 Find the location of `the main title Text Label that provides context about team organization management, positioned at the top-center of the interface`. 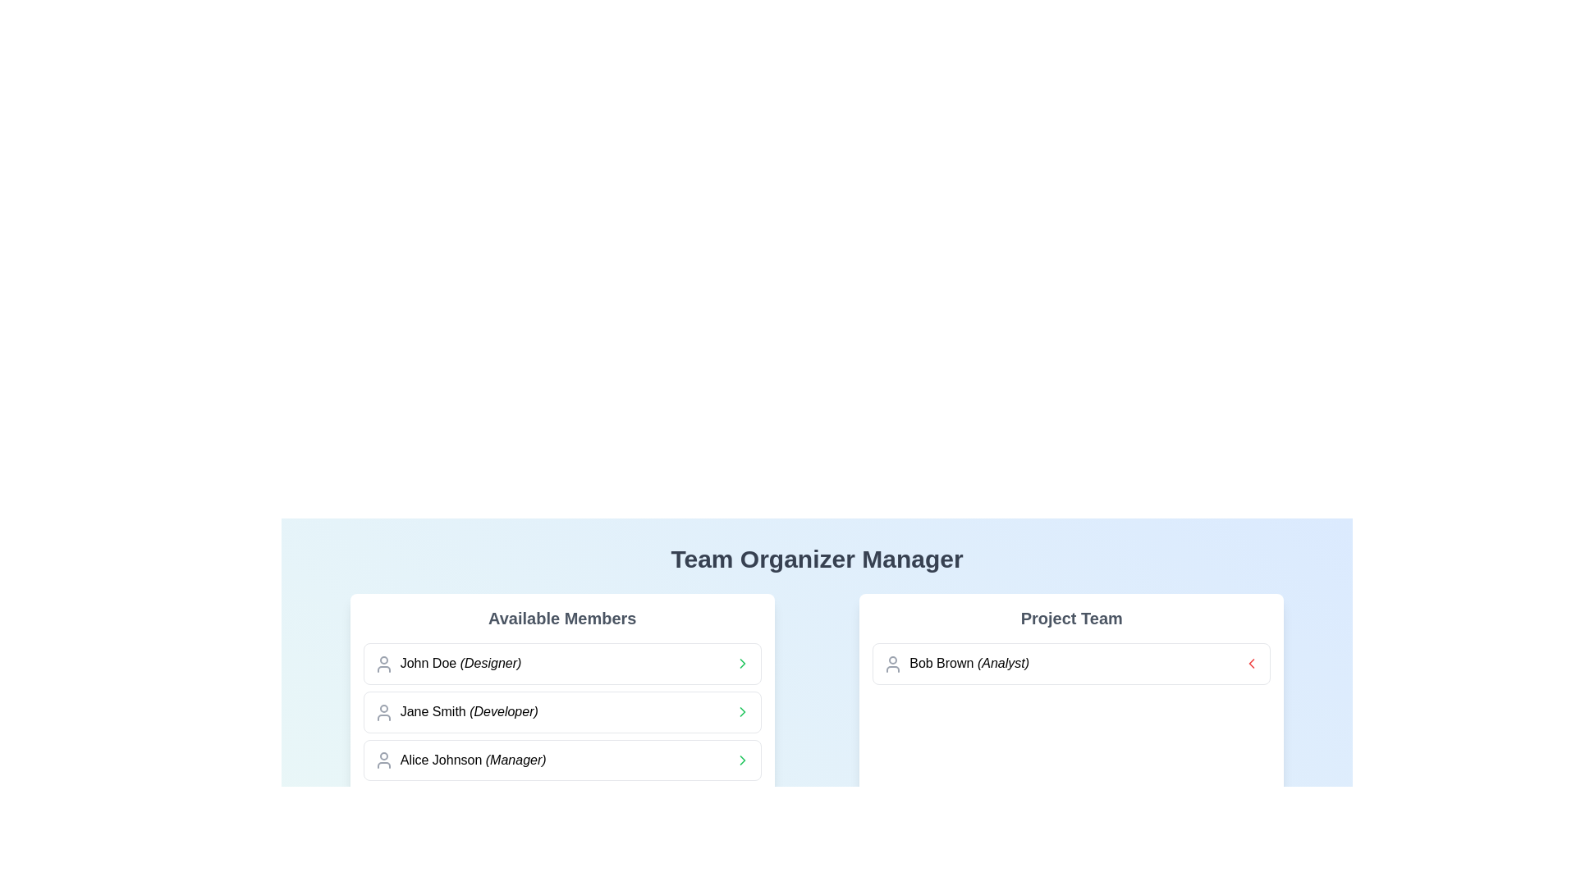

the main title Text Label that provides context about team organization management, positioned at the top-center of the interface is located at coordinates (817, 559).